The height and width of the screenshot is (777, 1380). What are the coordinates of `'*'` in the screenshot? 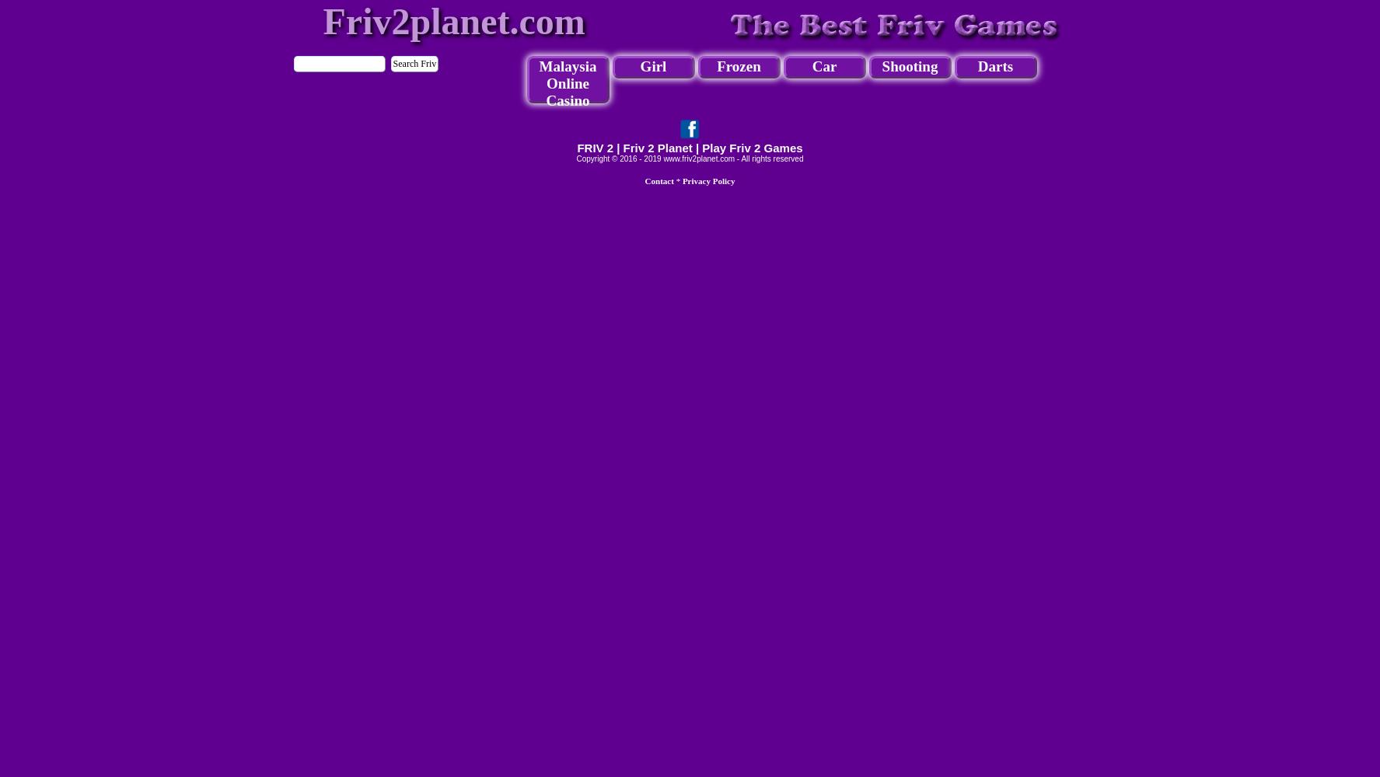 It's located at (676, 180).